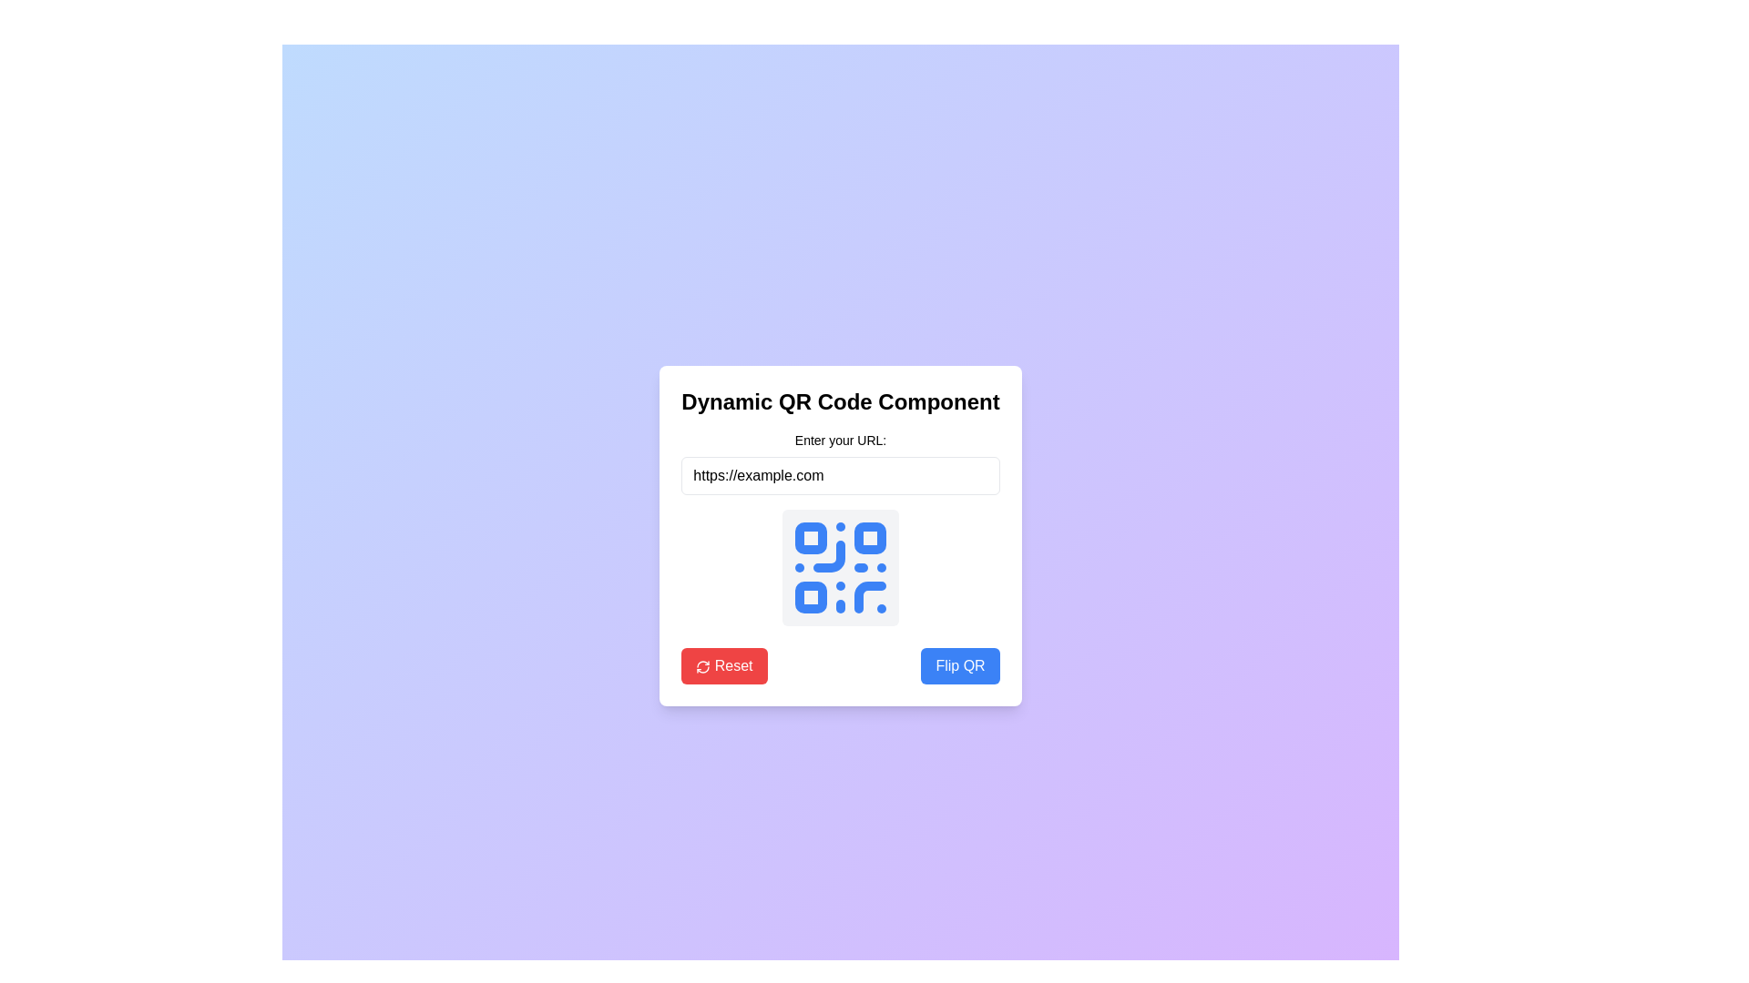 This screenshot has width=1749, height=983. I want to click on the 'Reset' button with a red background and white text, so click(723, 666).